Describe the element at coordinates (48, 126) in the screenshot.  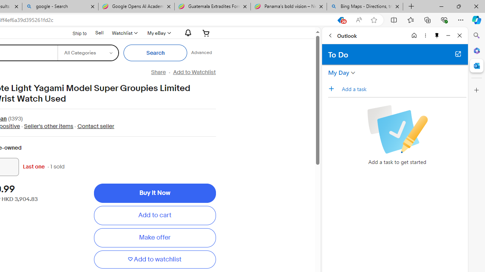
I see `'Seller'` at that location.